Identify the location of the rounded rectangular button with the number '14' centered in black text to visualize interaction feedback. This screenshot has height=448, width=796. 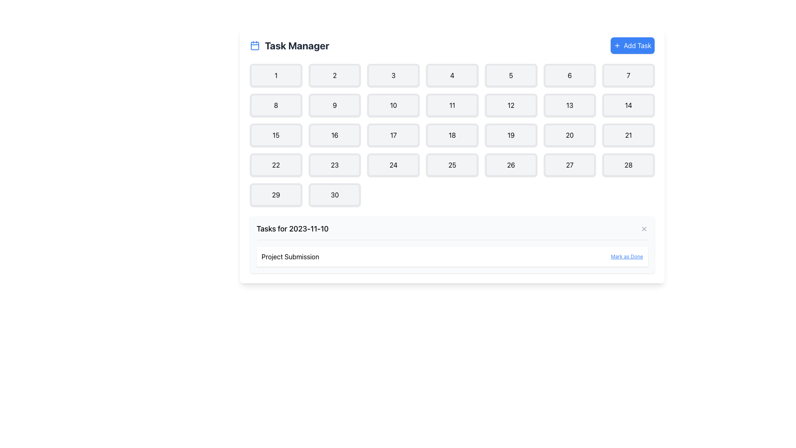
(629, 105).